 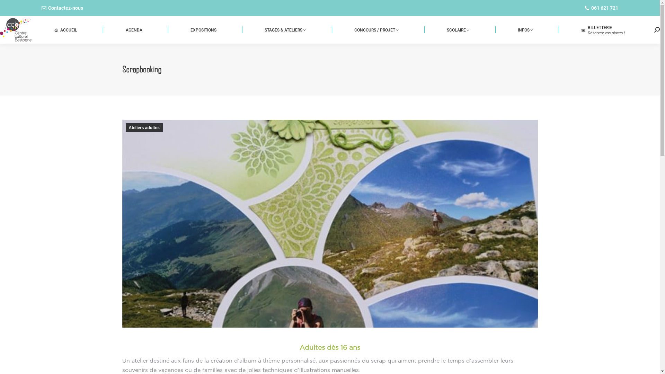 I want to click on 'Ateliers adultes', so click(x=143, y=127).